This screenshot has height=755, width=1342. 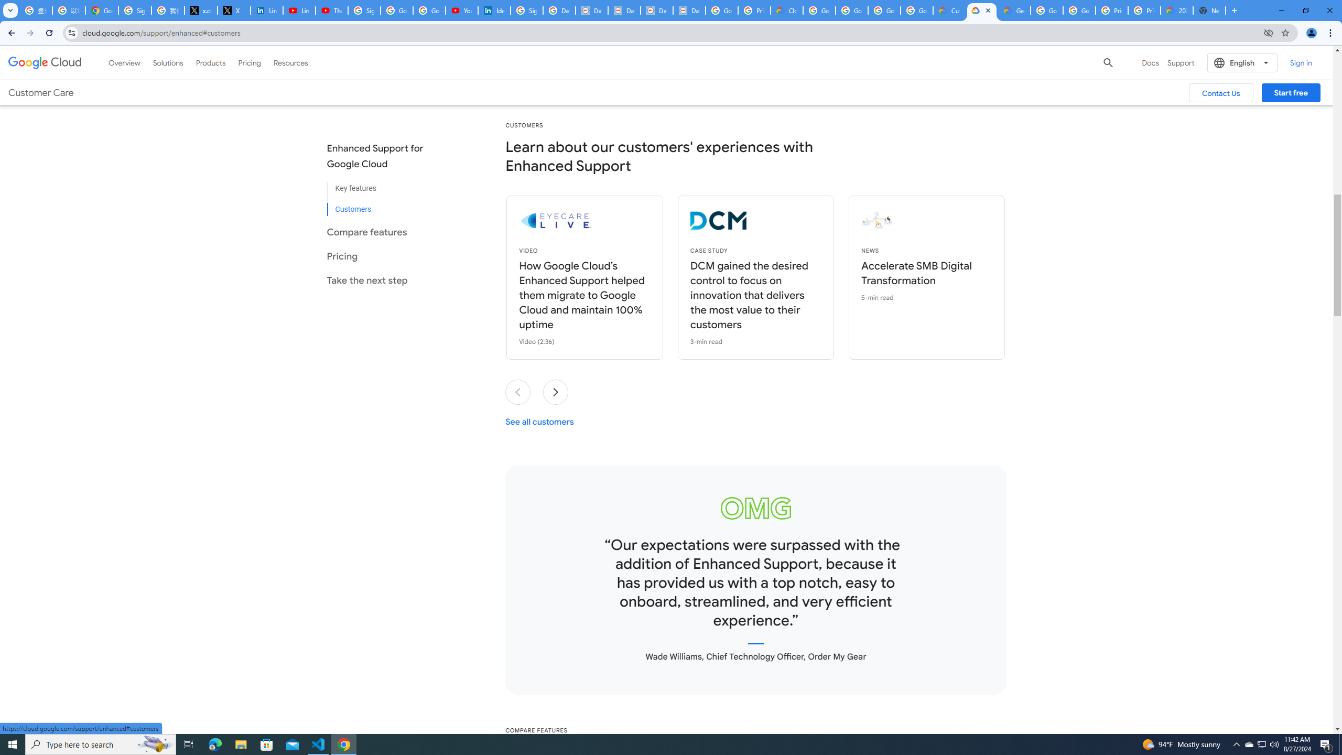 What do you see at coordinates (1180, 62) in the screenshot?
I see `'Support'` at bounding box center [1180, 62].